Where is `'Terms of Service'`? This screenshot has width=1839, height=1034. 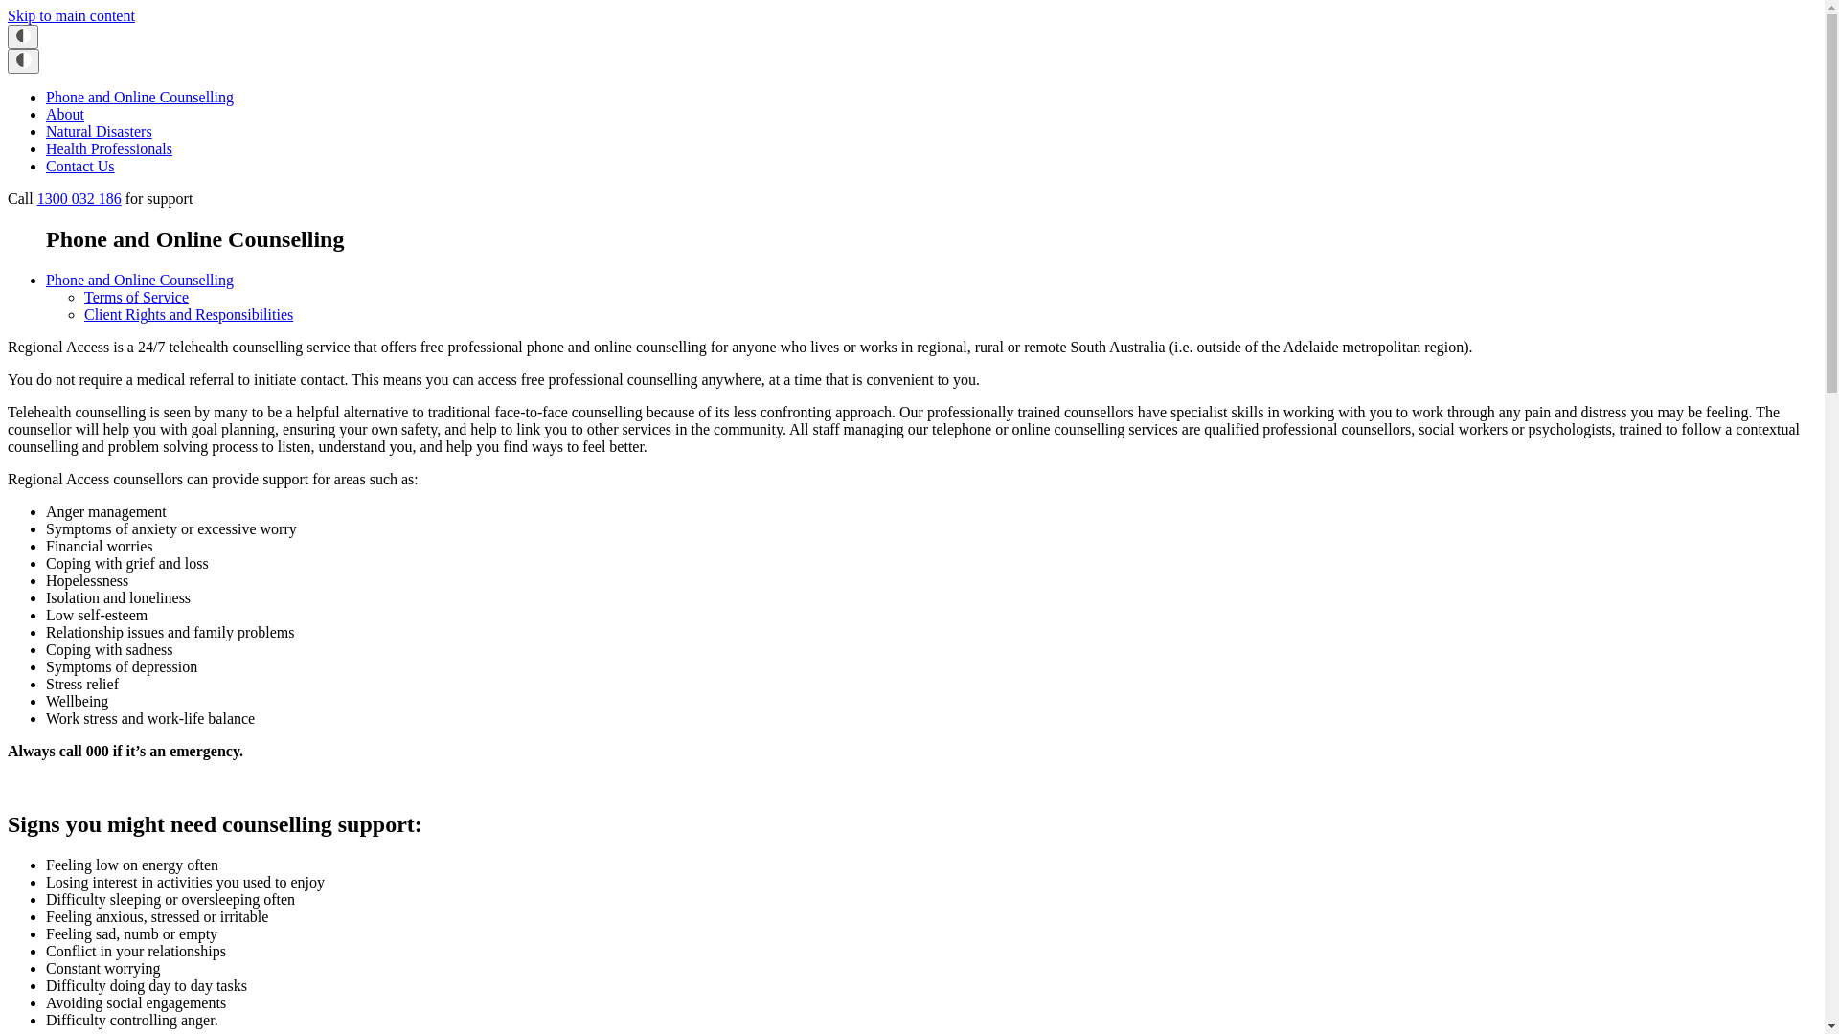 'Terms of Service' is located at coordinates (135, 297).